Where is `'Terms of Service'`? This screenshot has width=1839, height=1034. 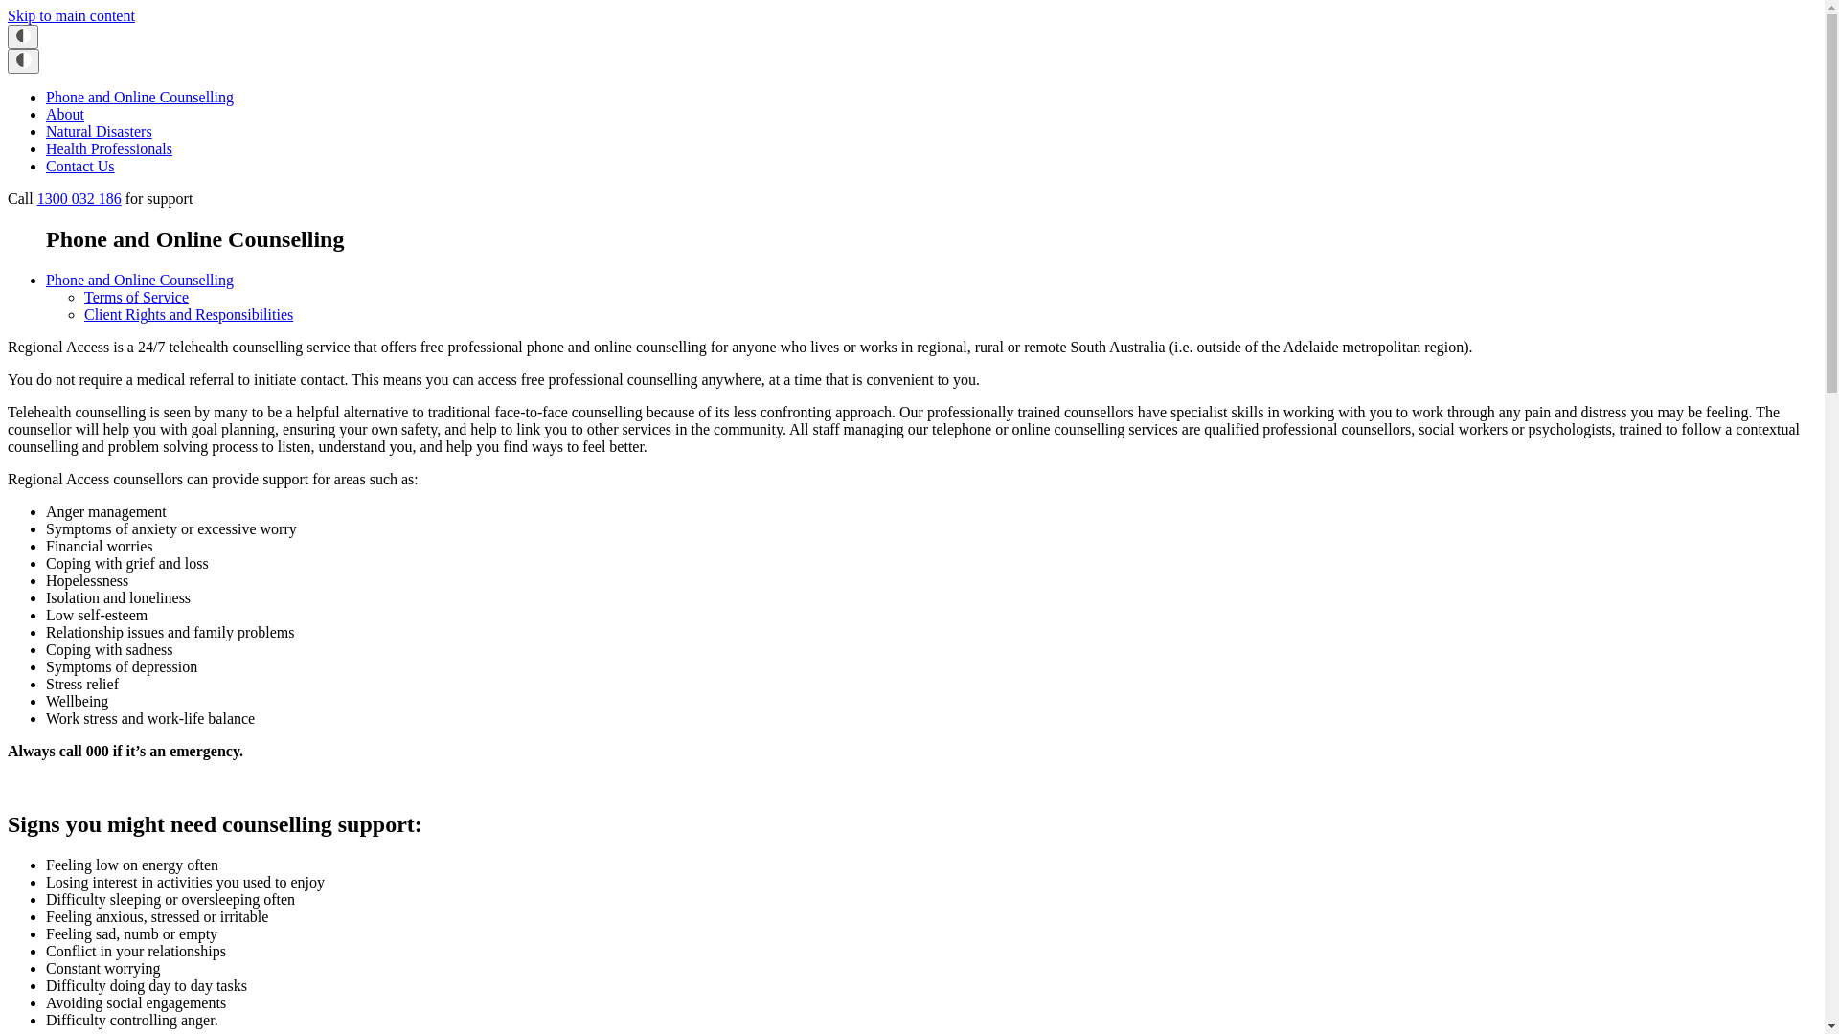 'Terms of Service' is located at coordinates (135, 297).